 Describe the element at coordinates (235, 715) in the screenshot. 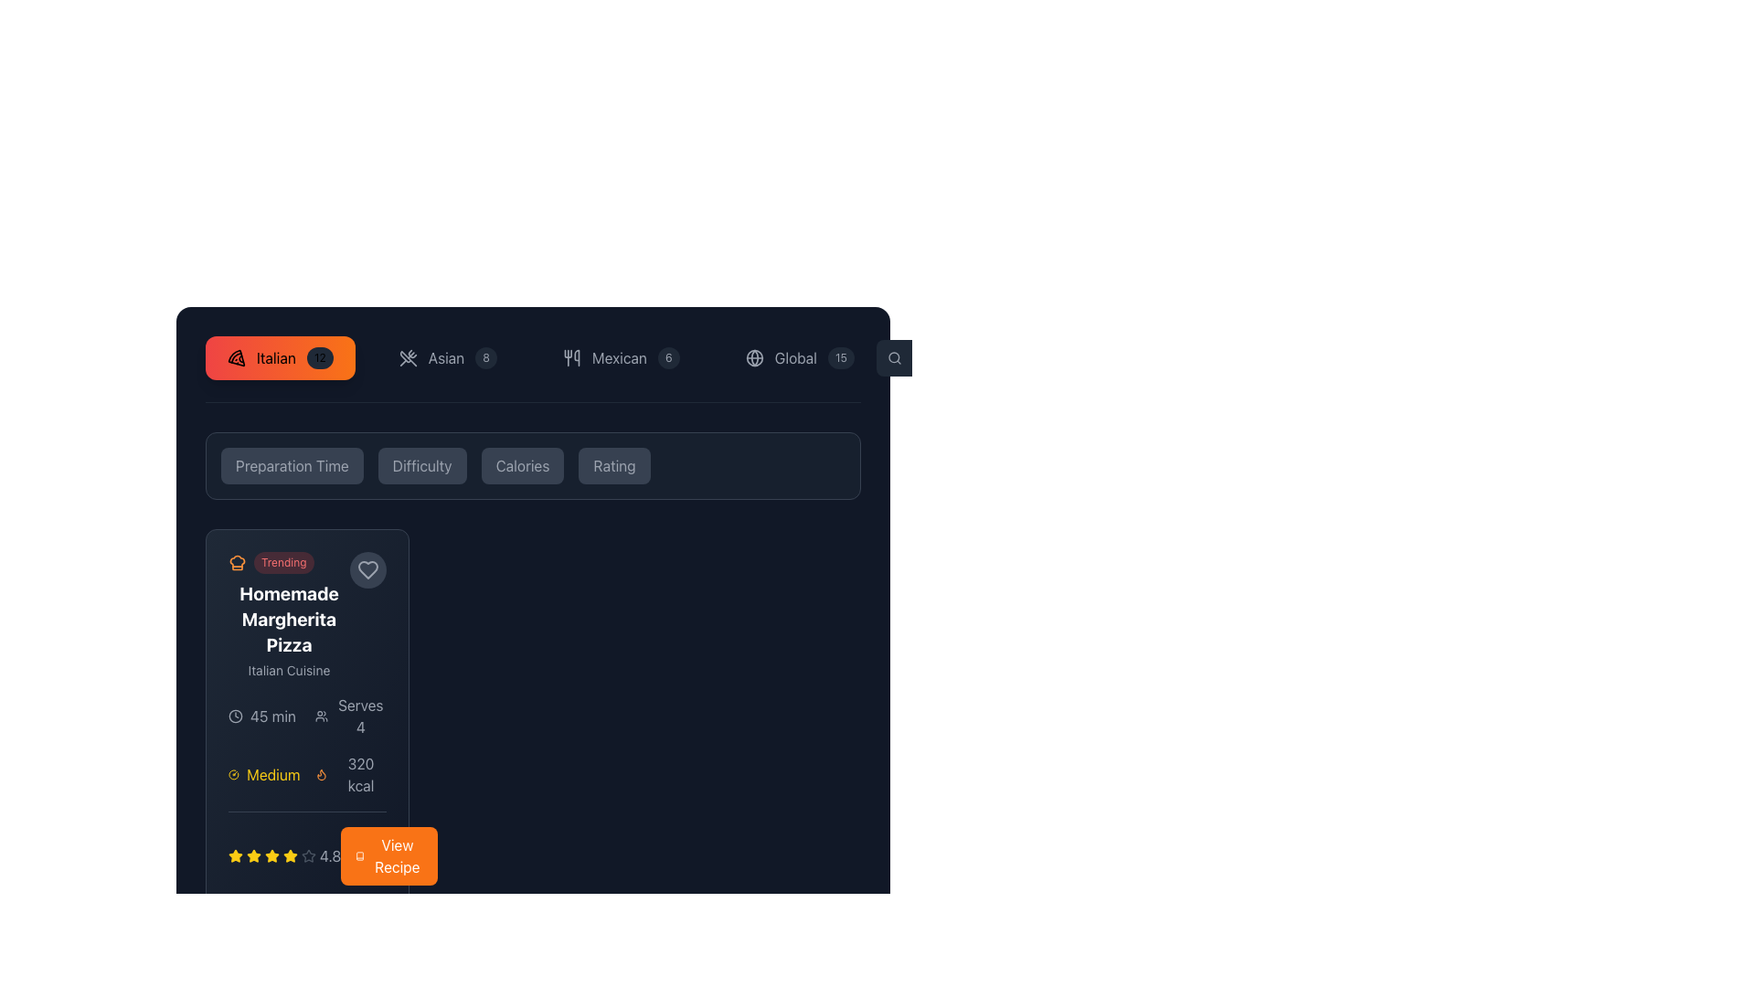

I see `the circular graphical element representing the clock's face located in the top-left corner of the recipe card` at that location.